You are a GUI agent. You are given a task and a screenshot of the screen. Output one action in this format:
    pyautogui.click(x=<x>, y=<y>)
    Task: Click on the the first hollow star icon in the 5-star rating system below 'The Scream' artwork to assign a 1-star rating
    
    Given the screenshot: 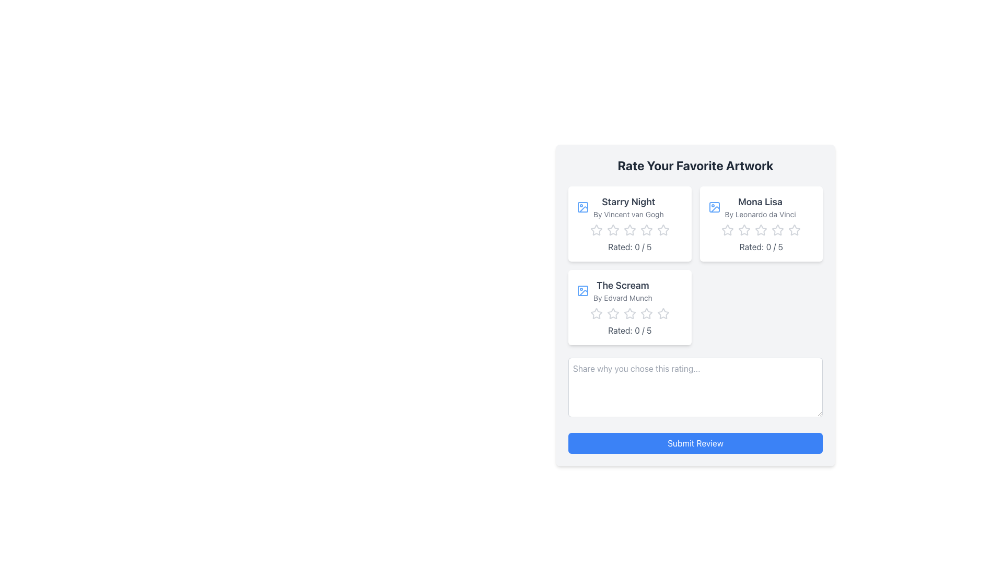 What is the action you would take?
    pyautogui.click(x=596, y=313)
    